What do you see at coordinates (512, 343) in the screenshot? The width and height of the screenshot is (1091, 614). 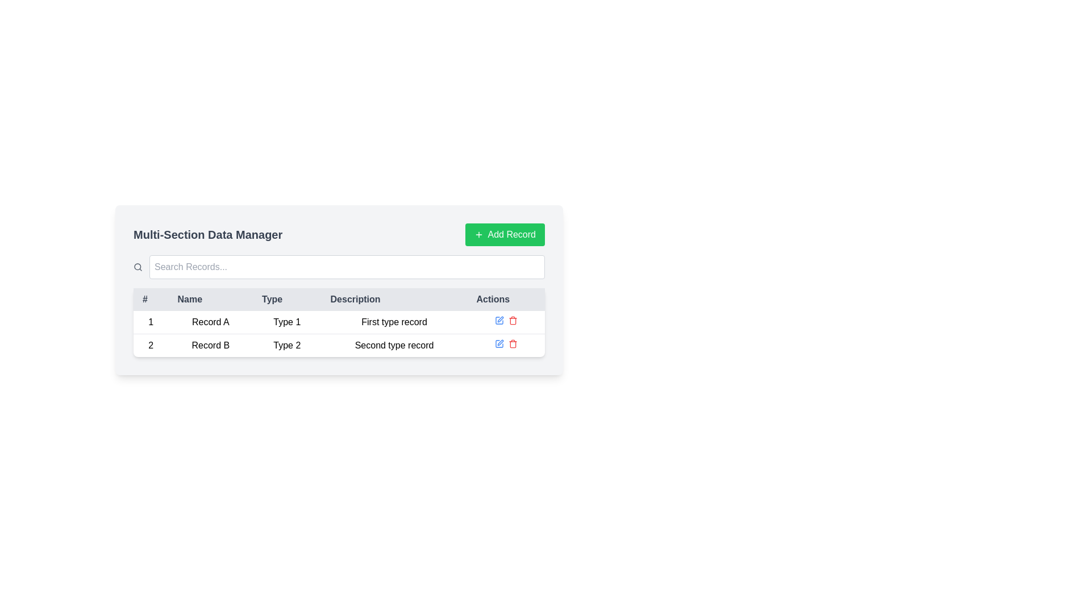 I see `the delete icon button located in the 'Actions' column of the second data row` at bounding box center [512, 343].